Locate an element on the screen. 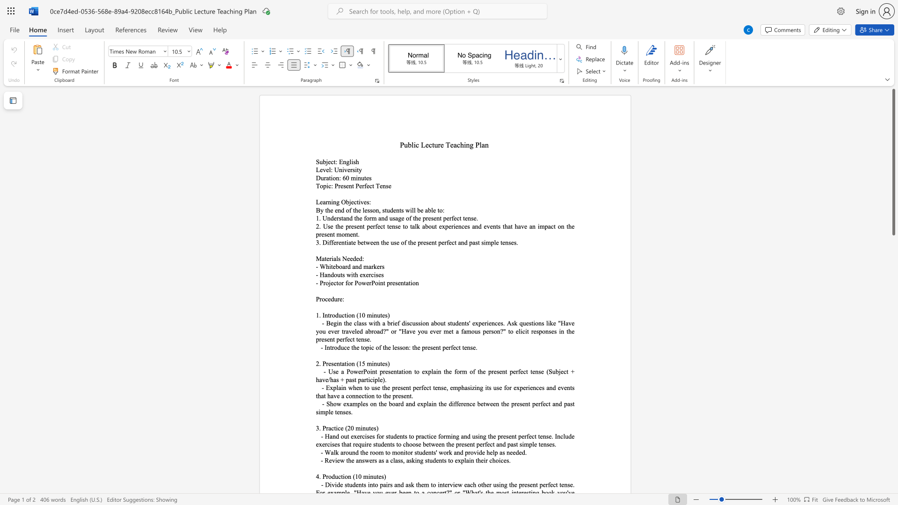 The image size is (898, 505). the 1th character "p" in the text is located at coordinates (347, 226).